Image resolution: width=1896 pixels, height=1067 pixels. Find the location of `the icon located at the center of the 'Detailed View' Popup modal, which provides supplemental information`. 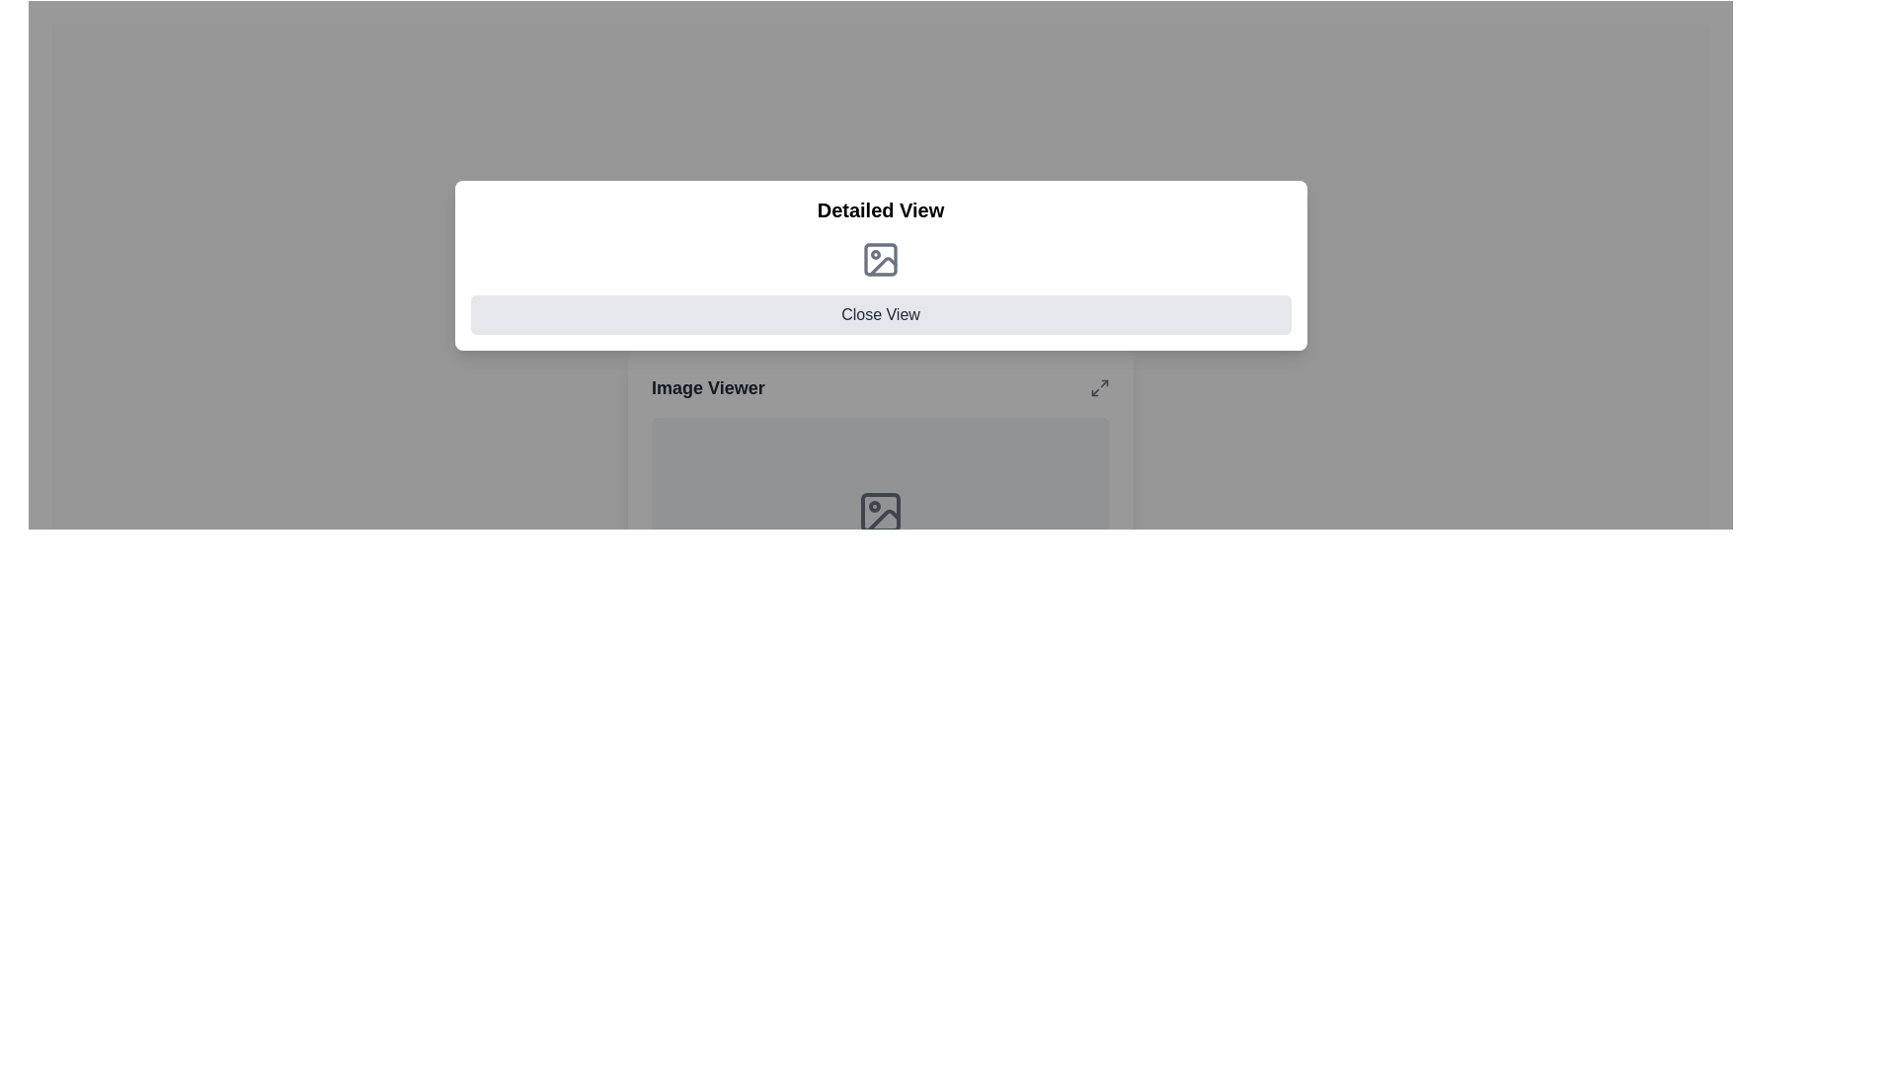

the icon located at the center of the 'Detailed View' Popup modal, which provides supplemental information is located at coordinates (880, 263).